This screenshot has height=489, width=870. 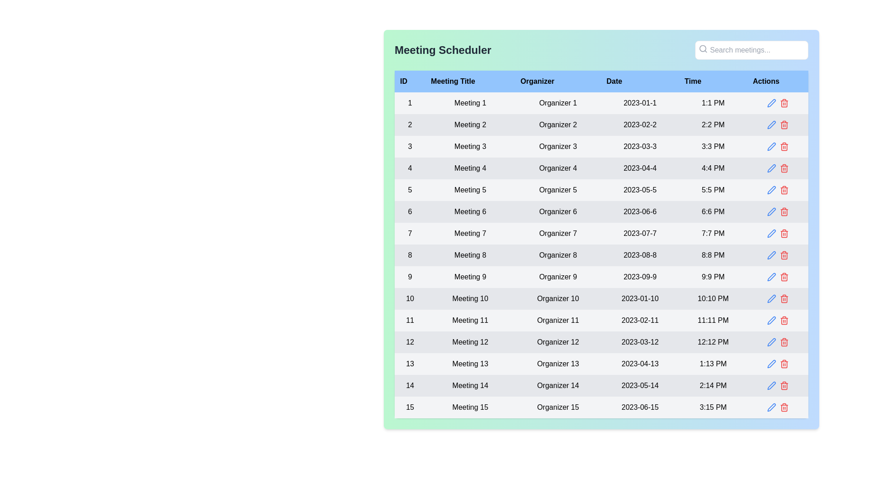 I want to click on the second row in the meeting scheduler table, so click(x=601, y=125).